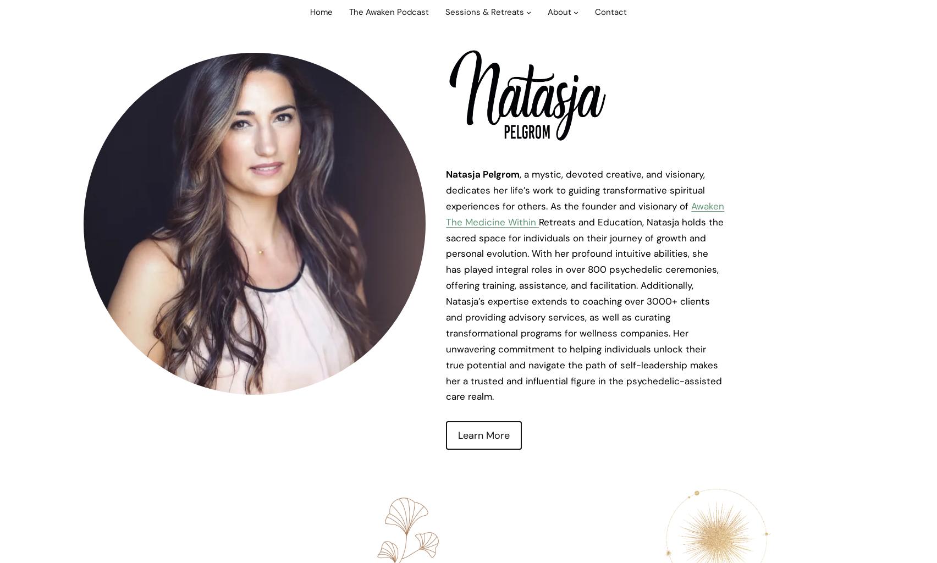  Describe the element at coordinates (445, 12) in the screenshot. I see `'Sessions & Retreats'` at that location.